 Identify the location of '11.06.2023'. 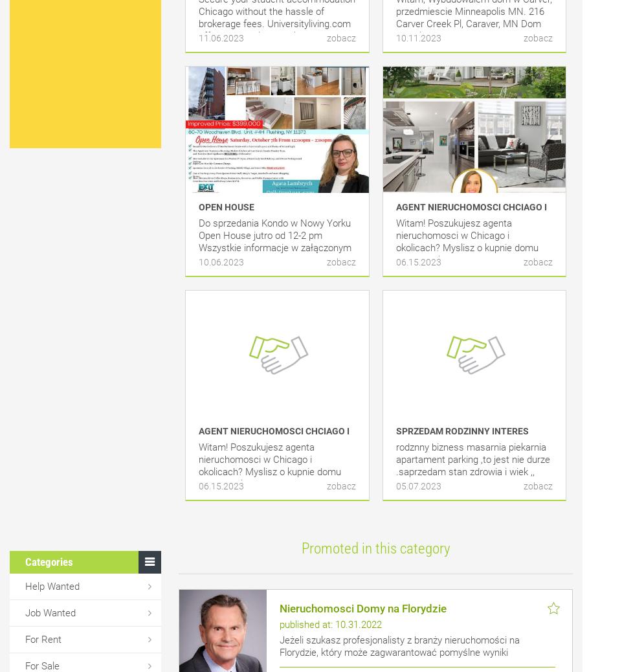
(221, 37).